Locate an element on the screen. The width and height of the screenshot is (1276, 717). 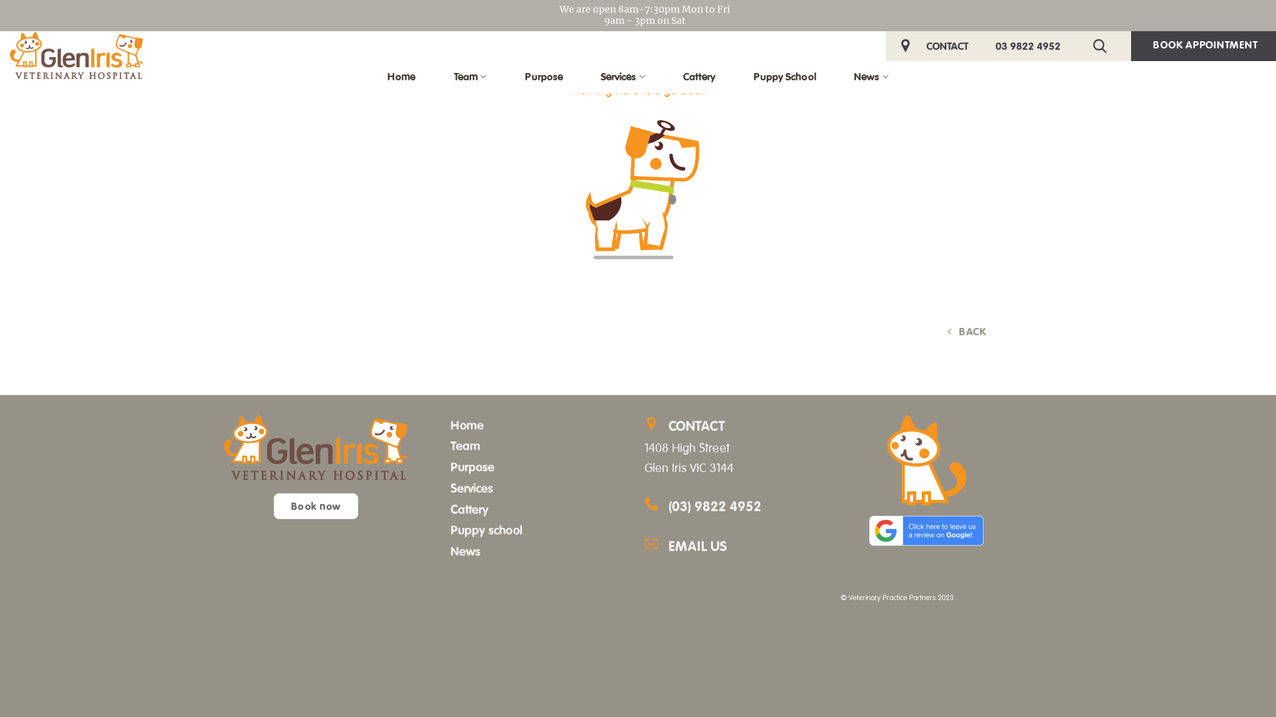
'News' is located at coordinates (465, 550).